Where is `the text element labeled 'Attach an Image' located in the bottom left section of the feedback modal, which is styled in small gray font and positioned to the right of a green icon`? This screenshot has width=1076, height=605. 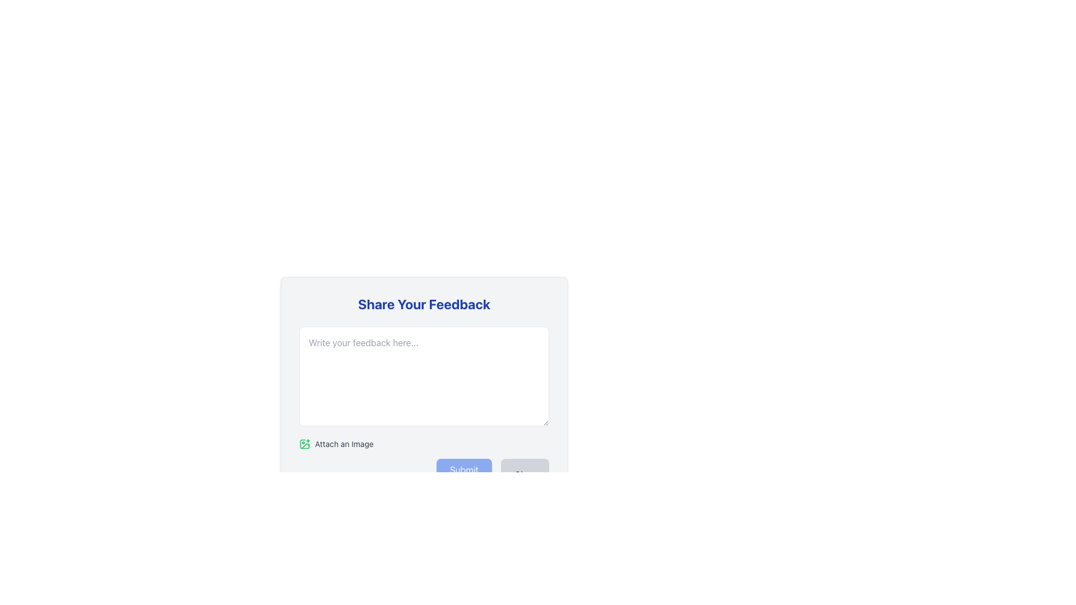
the text element labeled 'Attach an Image' located in the bottom left section of the feedback modal, which is styled in small gray font and positioned to the right of a green icon is located at coordinates (344, 444).